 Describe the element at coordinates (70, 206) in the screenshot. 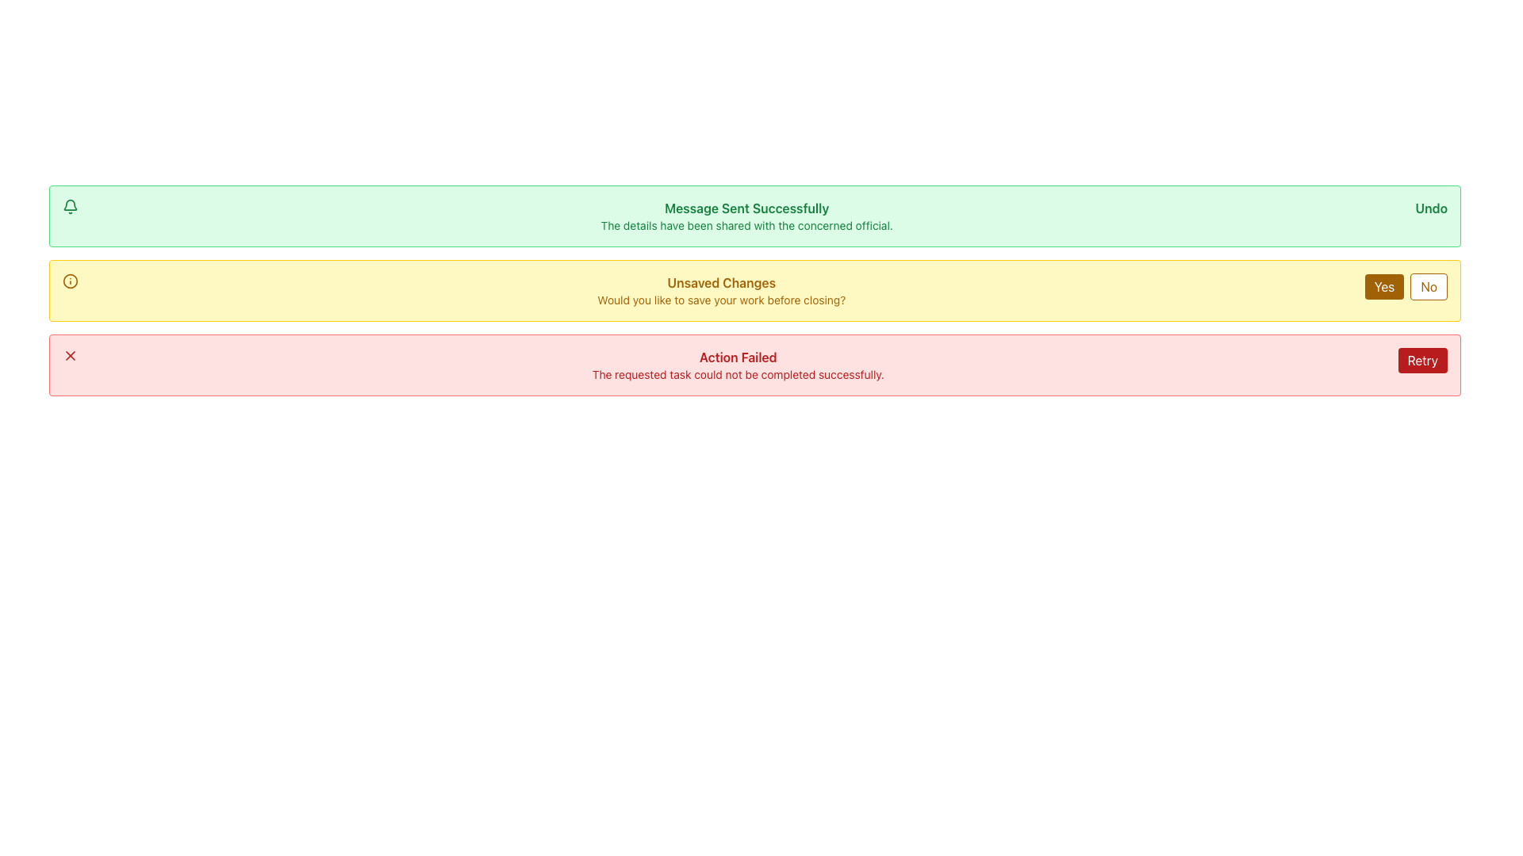

I see `the green bell SVG icon located within the topmost notification box, positioned to the left of the 'Message Sent Successfully' text` at that location.